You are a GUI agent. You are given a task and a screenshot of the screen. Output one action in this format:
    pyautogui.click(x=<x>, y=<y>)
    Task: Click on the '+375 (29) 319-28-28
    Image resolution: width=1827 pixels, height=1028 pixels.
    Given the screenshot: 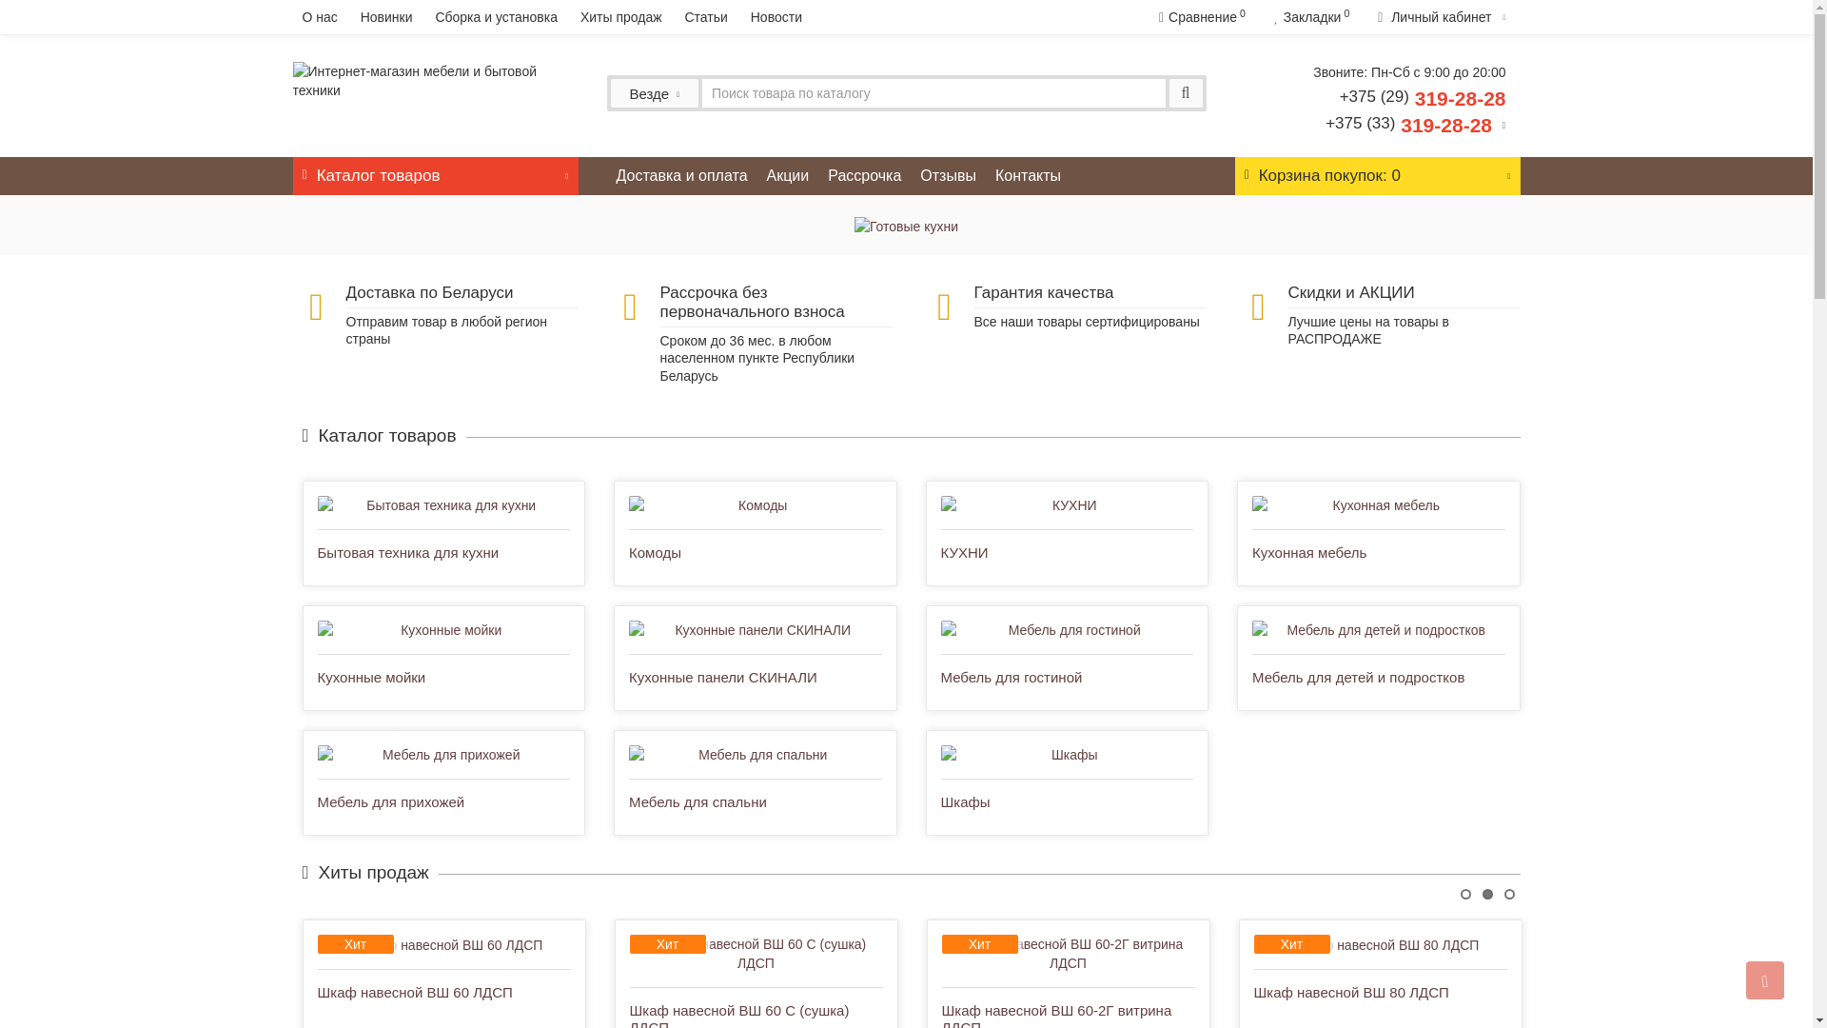 What is the action you would take?
    pyautogui.click(x=1415, y=109)
    